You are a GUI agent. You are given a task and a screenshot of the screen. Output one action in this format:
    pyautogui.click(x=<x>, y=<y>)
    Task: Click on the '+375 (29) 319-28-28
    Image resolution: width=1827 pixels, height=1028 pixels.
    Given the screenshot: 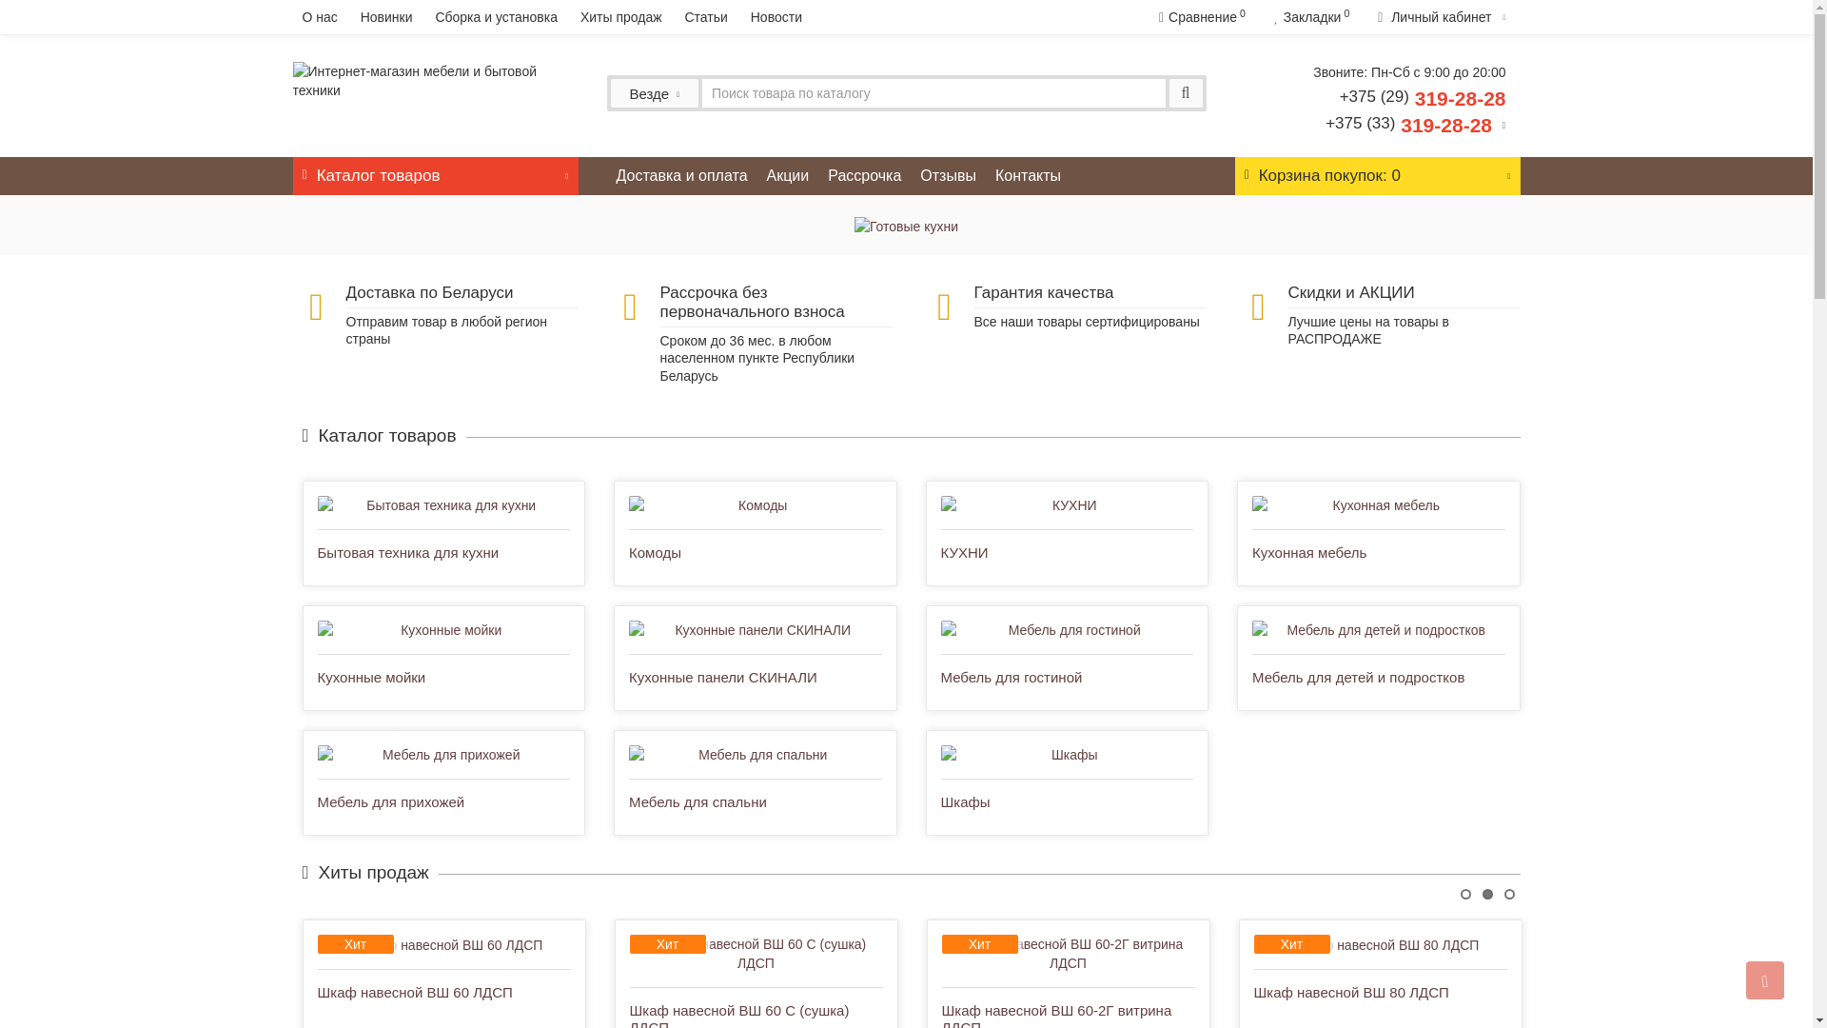 What is the action you would take?
    pyautogui.click(x=1415, y=109)
    